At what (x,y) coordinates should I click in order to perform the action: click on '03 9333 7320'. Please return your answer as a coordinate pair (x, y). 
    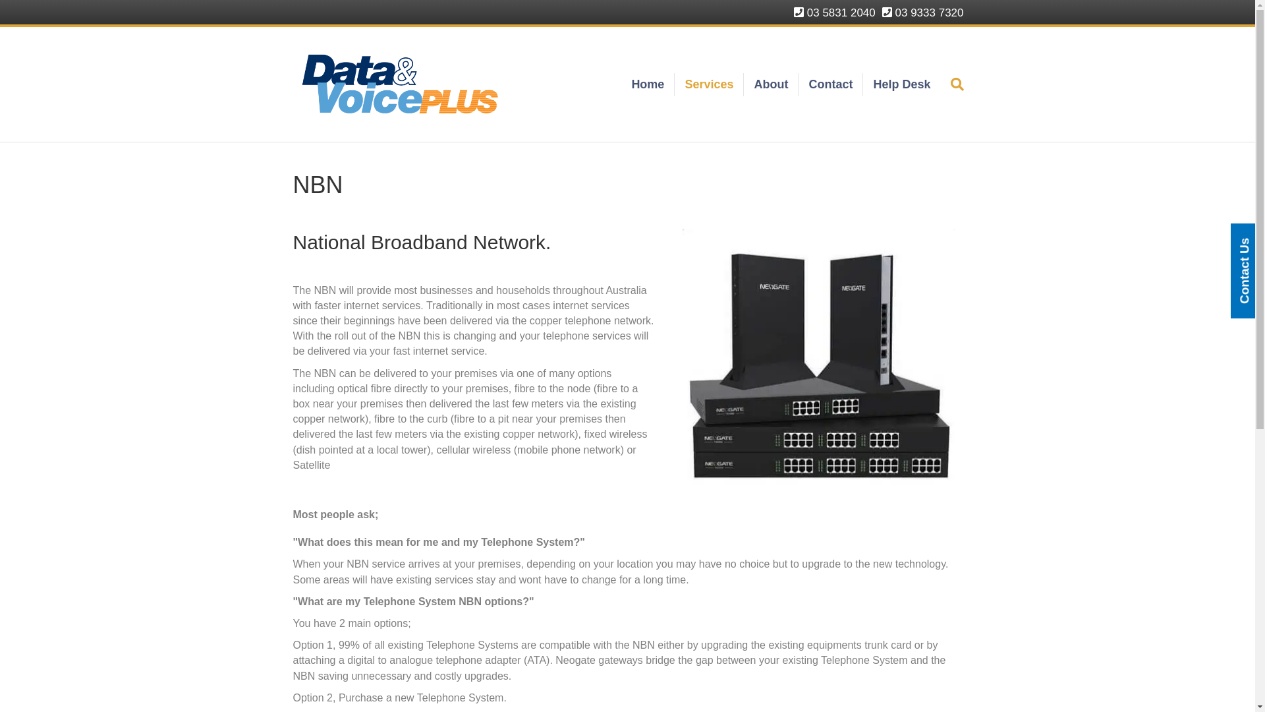
    Looking at the image, I should click on (882, 12).